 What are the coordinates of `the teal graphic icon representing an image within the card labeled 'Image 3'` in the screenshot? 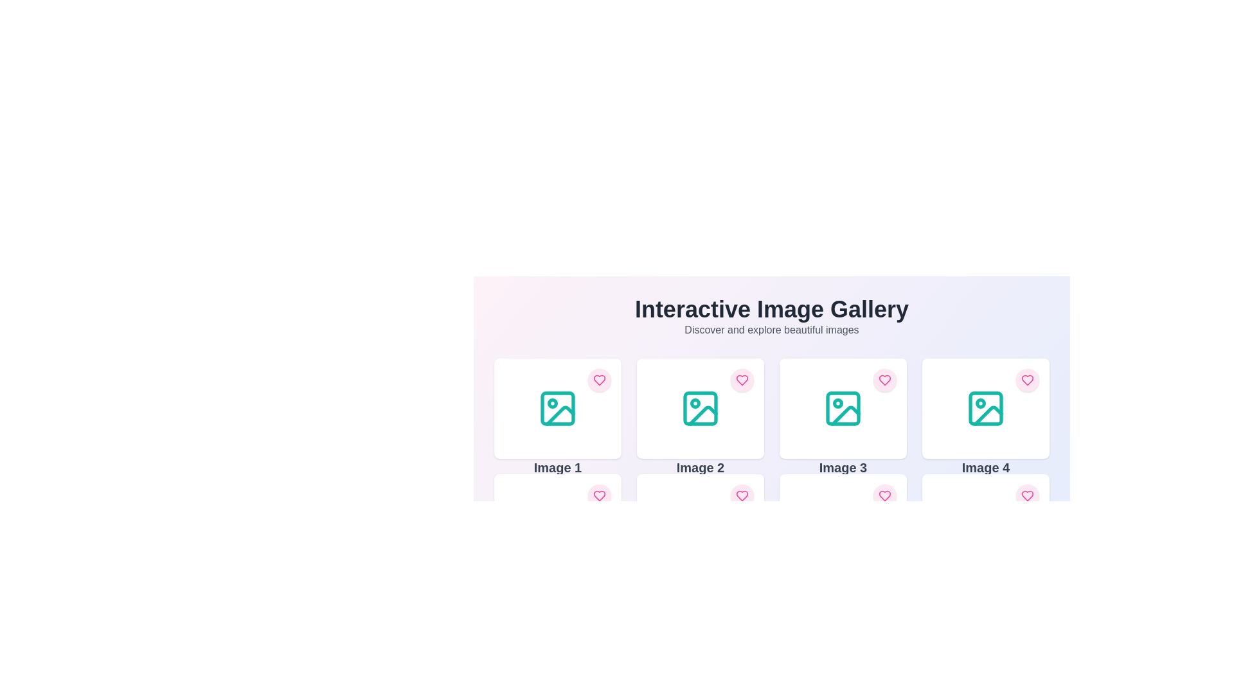 It's located at (843, 409).